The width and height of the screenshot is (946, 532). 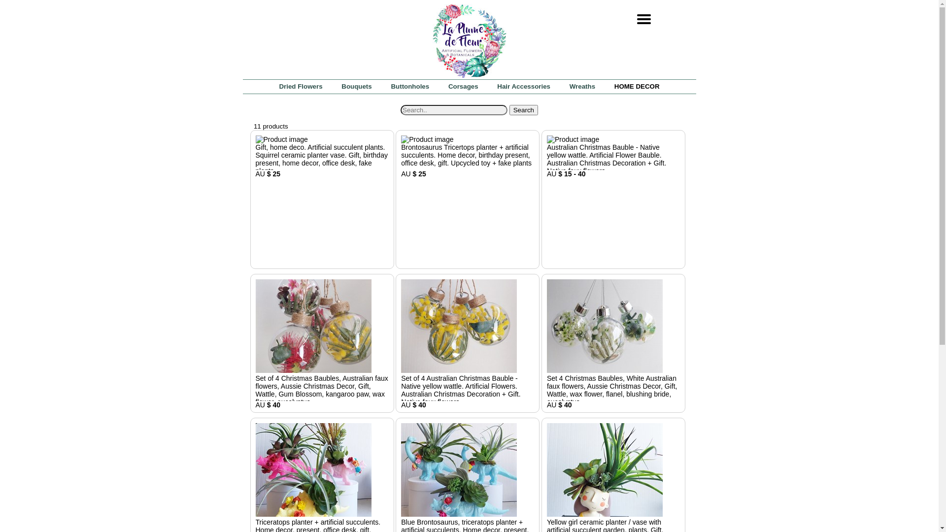 I want to click on 'Search', so click(x=523, y=110).